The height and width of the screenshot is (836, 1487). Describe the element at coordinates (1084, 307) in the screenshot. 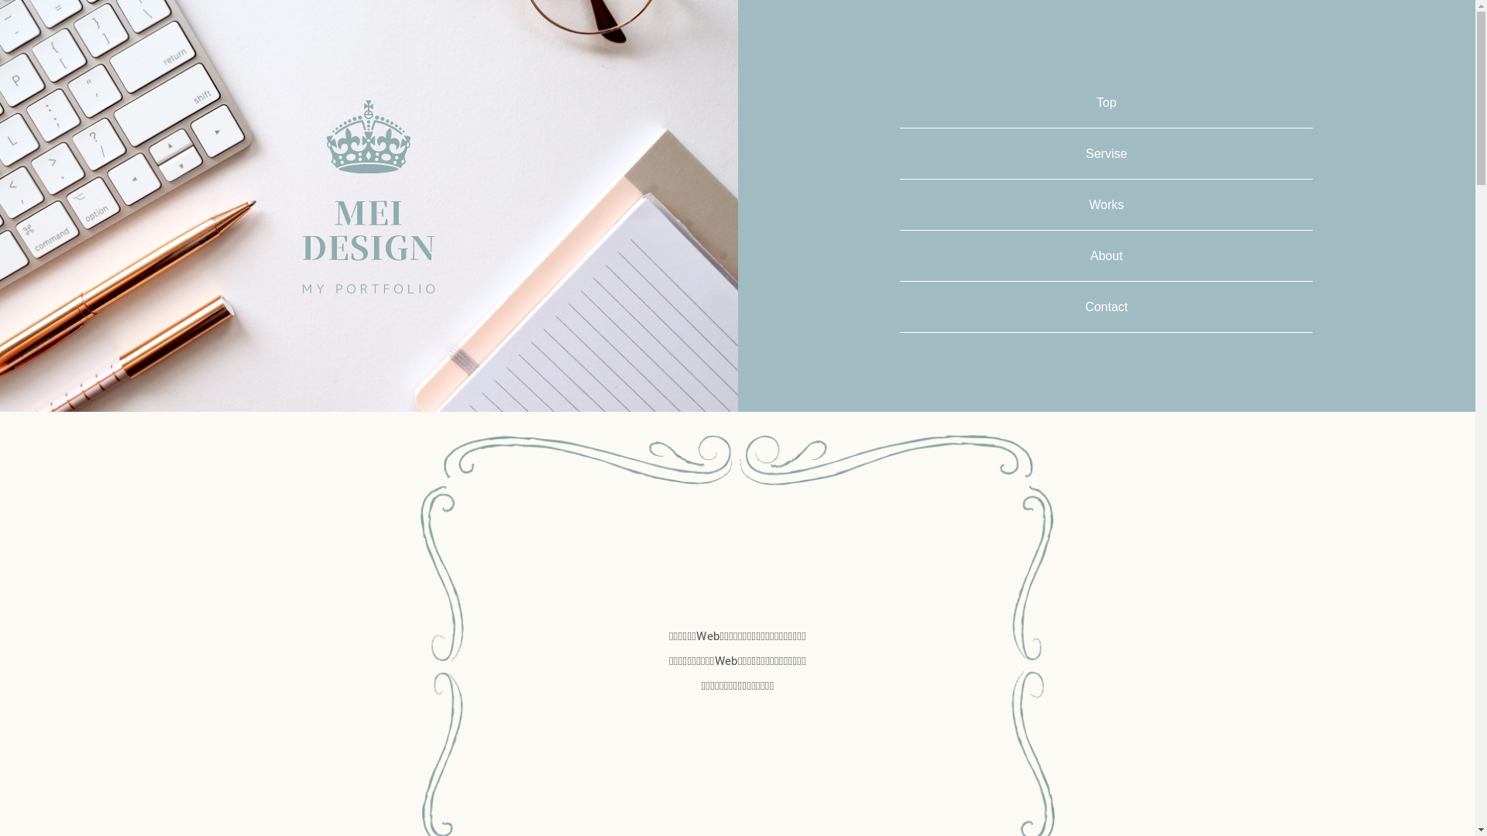

I see `'Contact'` at that location.